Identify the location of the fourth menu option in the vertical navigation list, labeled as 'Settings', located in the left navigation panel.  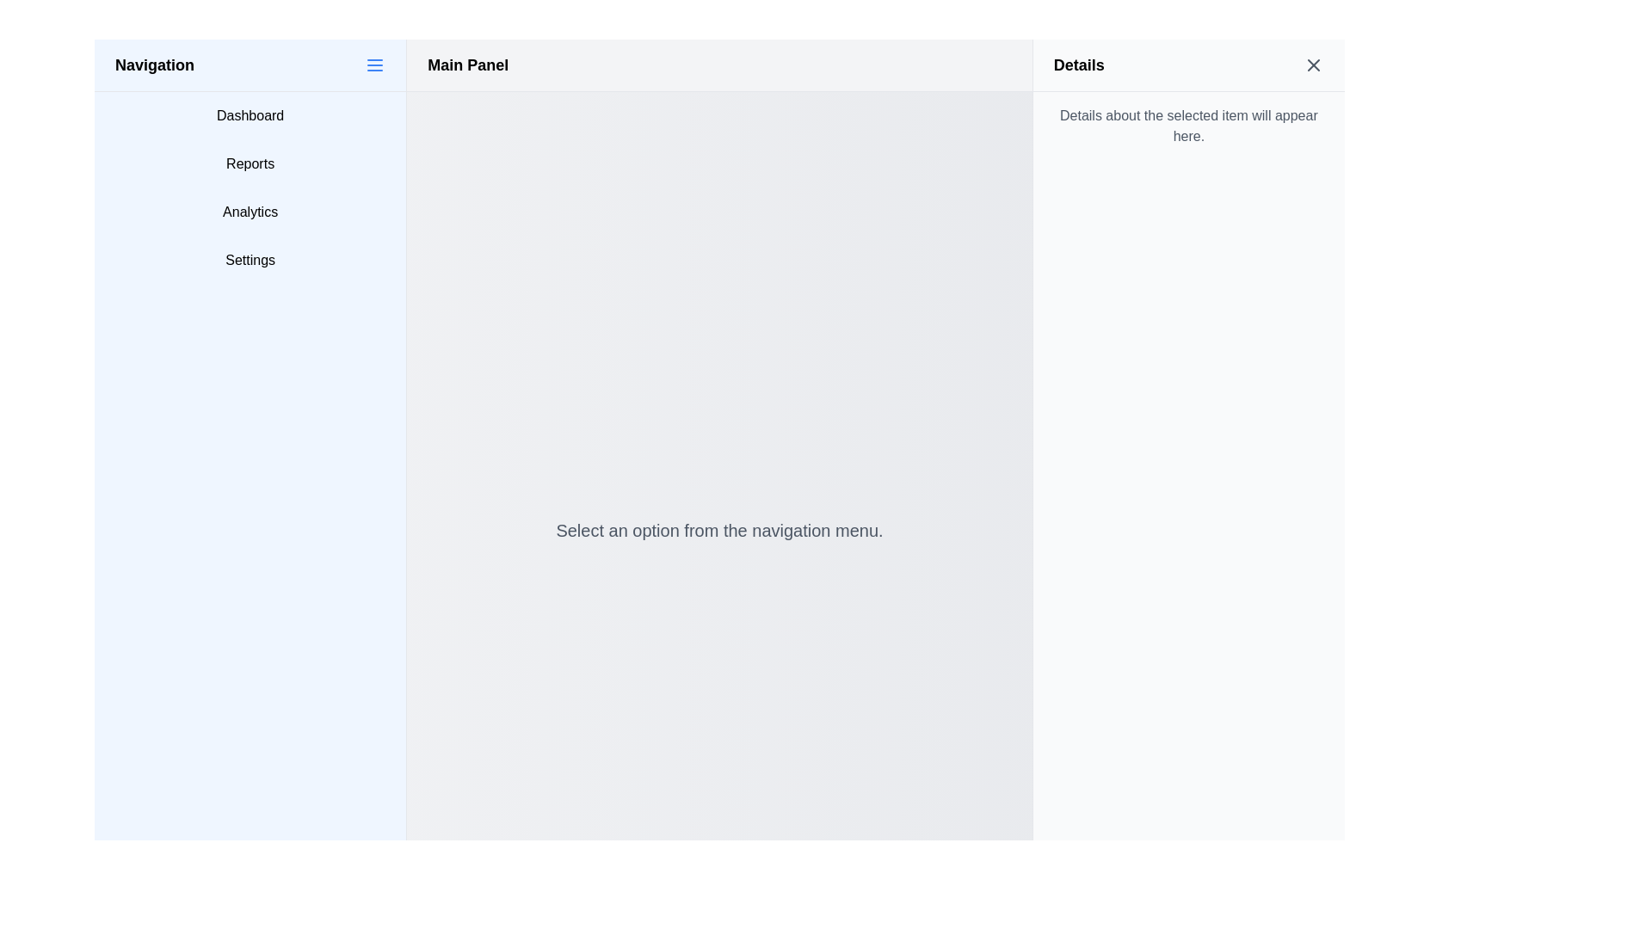
(250, 261).